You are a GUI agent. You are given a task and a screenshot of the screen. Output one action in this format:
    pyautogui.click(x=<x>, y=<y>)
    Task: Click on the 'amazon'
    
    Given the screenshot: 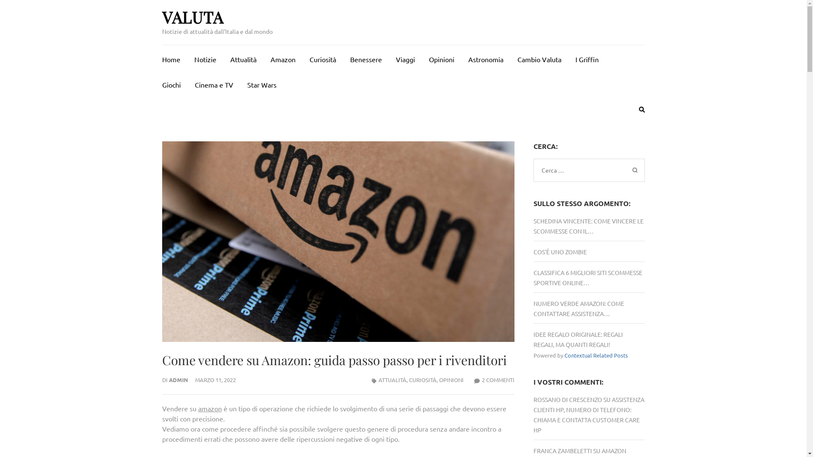 What is the action you would take?
    pyautogui.click(x=210, y=407)
    